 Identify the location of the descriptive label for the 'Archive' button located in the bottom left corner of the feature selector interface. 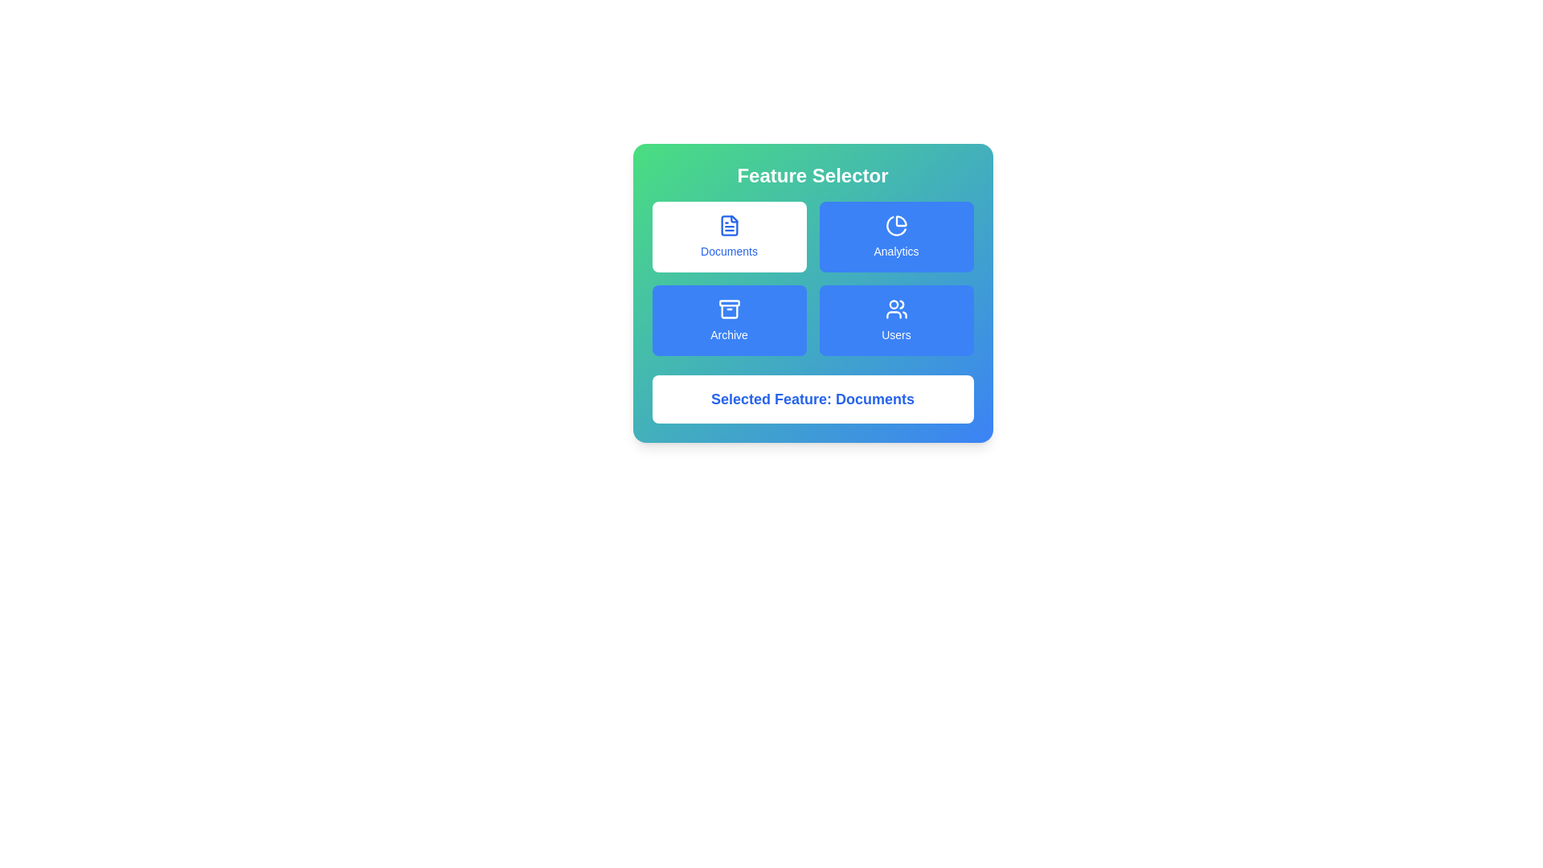
(728, 334).